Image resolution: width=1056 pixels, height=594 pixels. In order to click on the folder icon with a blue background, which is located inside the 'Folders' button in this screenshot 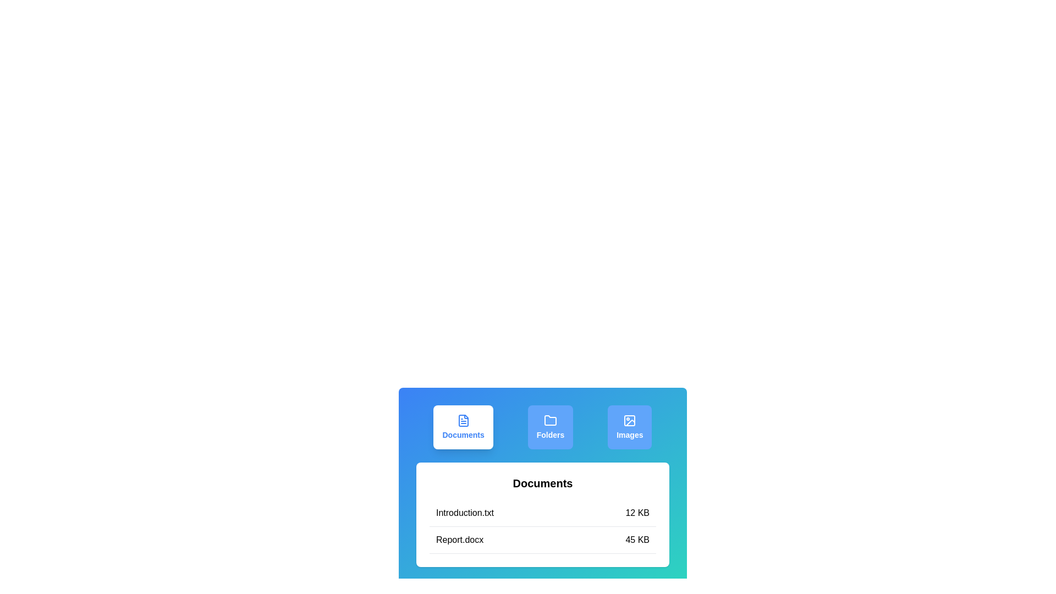, I will do `click(550, 420)`.